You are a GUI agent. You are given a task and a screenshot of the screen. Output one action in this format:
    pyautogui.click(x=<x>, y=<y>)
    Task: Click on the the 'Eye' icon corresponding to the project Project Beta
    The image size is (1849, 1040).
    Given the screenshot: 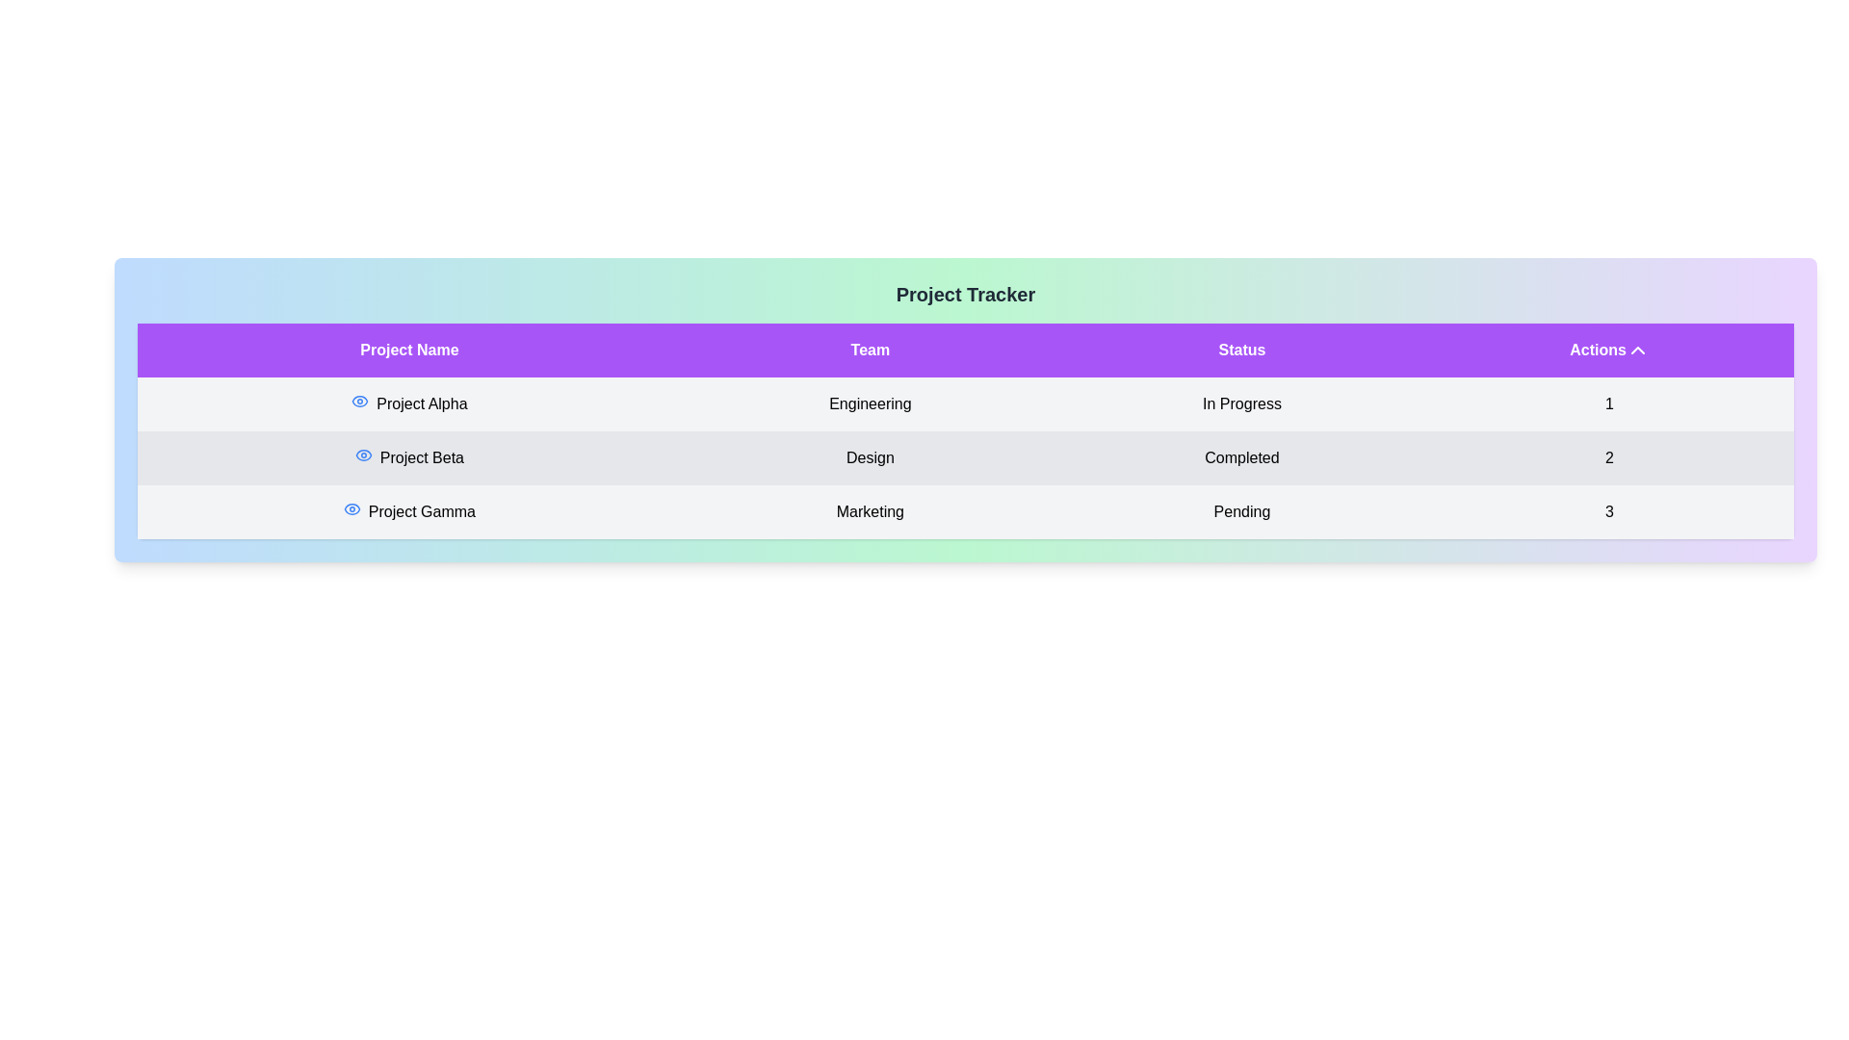 What is the action you would take?
    pyautogui.click(x=363, y=455)
    